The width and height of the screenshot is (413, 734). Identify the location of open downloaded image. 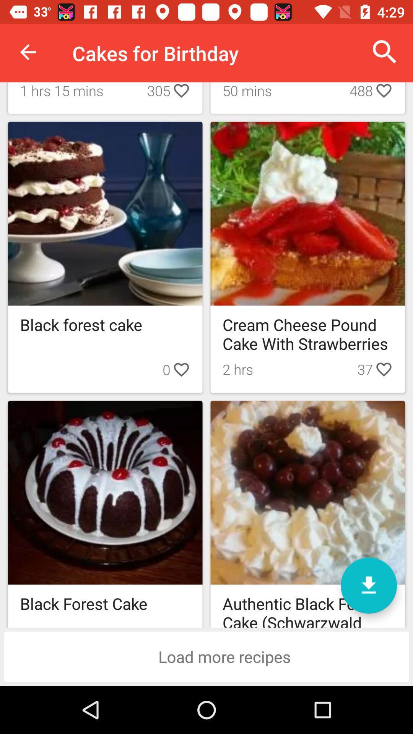
(368, 585).